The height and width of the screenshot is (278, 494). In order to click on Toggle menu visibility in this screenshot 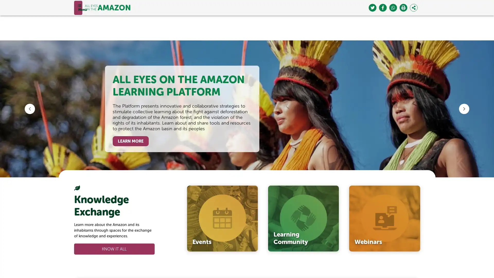, I will do `click(77, 7)`.